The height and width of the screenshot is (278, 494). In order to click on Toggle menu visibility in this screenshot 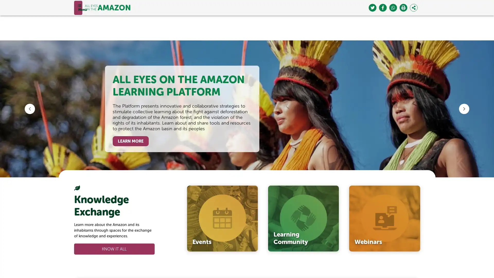, I will do `click(77, 7)`.